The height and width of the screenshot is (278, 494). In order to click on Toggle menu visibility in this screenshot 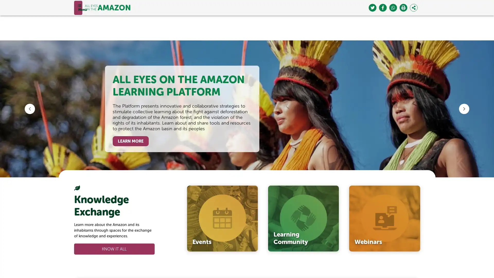, I will do `click(77, 7)`.